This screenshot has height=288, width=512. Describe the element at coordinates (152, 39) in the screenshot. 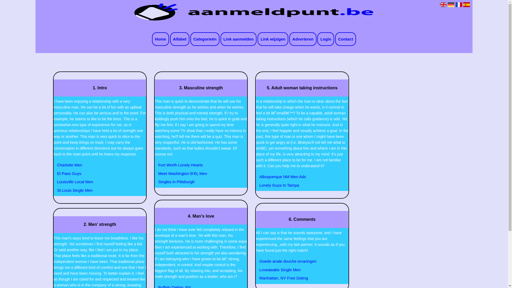

I see `'Home'` at that location.